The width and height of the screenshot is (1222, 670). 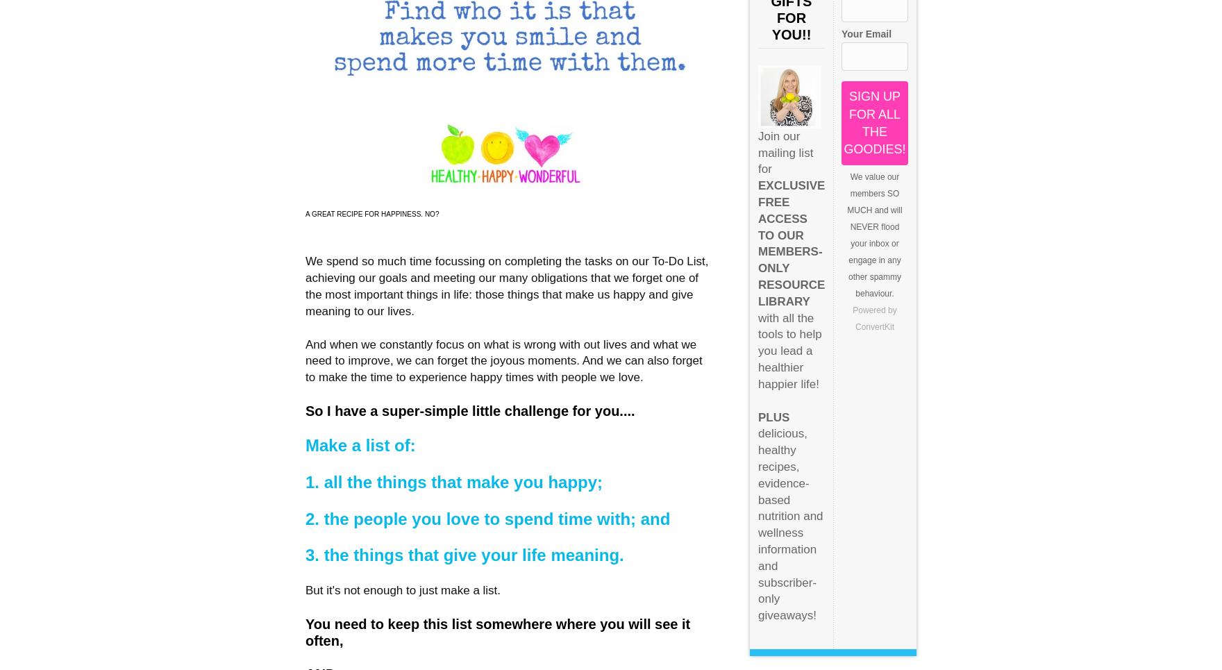 What do you see at coordinates (456, 480) in the screenshot?
I see `'1. all the things that make you happy;'` at bounding box center [456, 480].